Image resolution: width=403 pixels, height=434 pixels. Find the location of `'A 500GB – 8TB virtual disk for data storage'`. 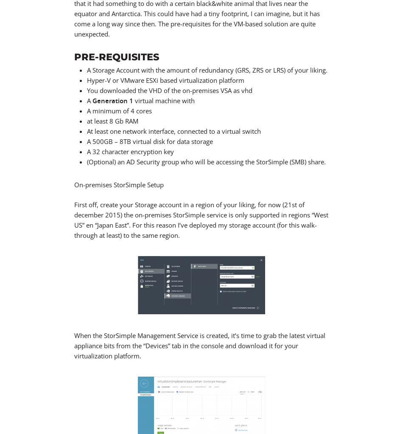

'A 500GB – 8TB virtual disk for data storage' is located at coordinates (149, 141).